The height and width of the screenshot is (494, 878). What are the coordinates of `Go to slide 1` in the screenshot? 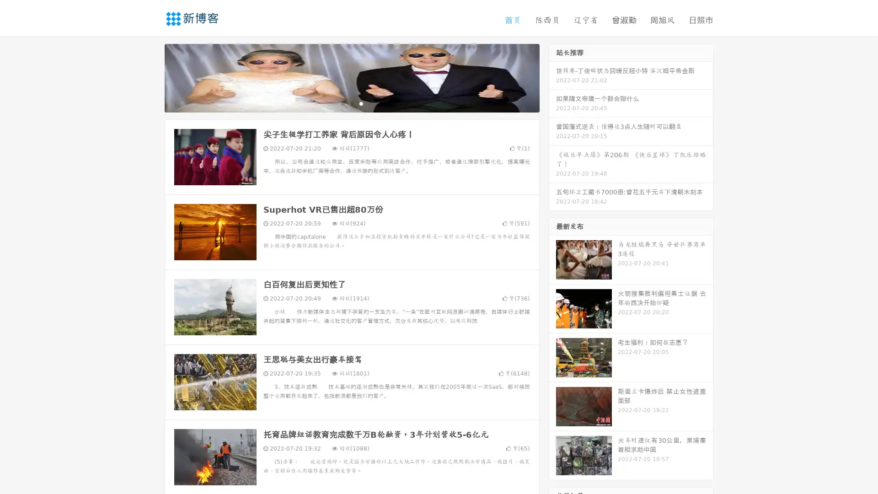 It's located at (342, 103).